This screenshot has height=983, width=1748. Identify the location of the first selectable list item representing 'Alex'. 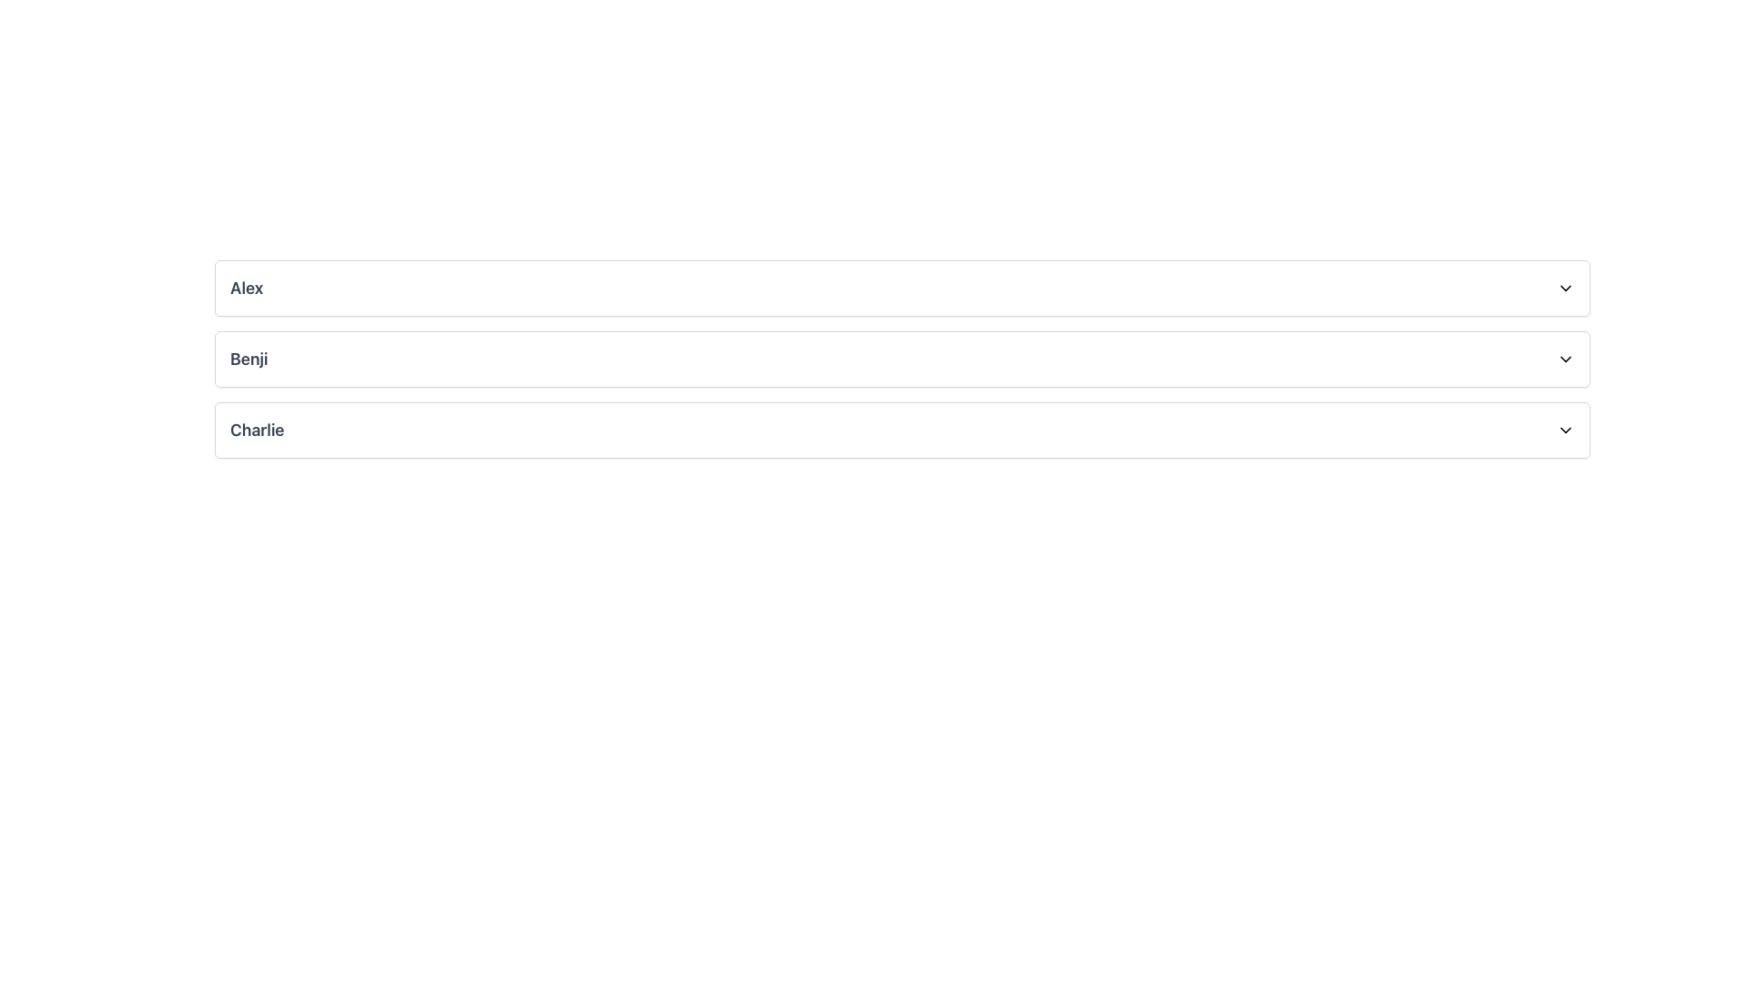
(902, 287).